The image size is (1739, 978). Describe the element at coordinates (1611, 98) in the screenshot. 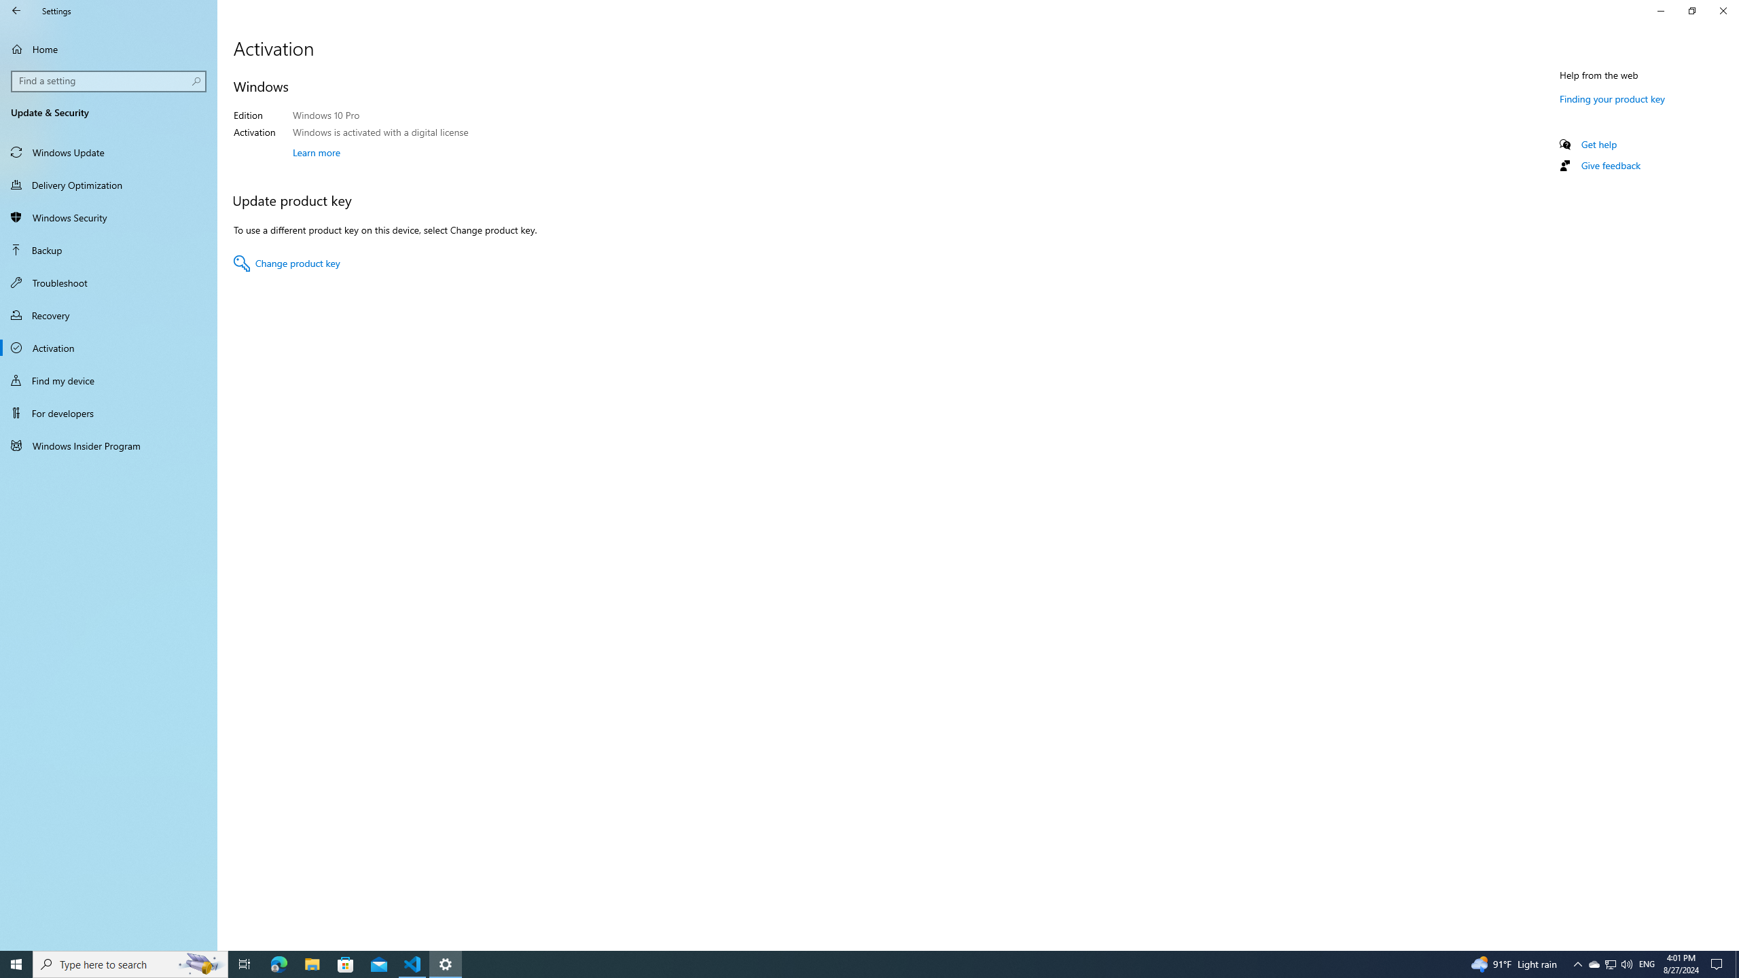

I see `'Finding your product key'` at that location.